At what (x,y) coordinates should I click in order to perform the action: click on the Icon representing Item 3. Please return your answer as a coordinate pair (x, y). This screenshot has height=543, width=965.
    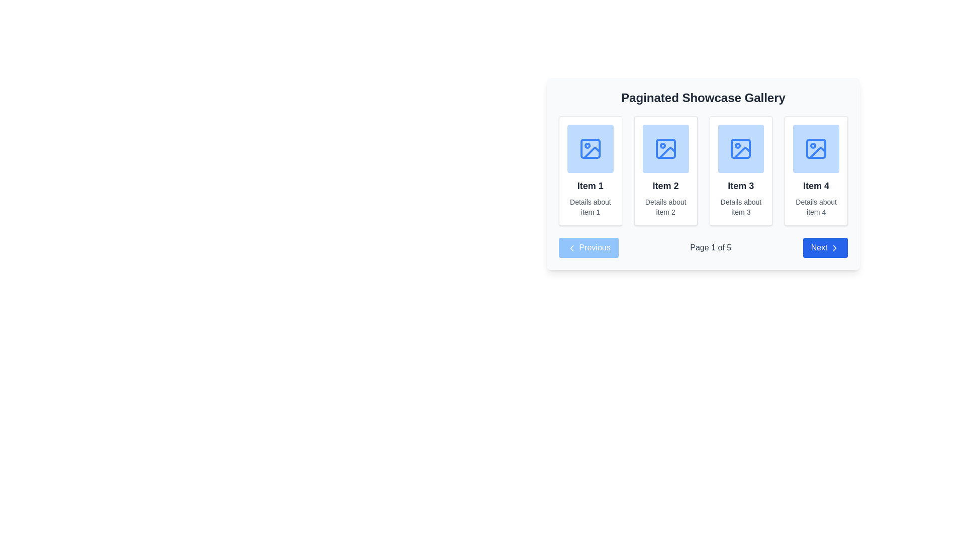
    Looking at the image, I should click on (741, 149).